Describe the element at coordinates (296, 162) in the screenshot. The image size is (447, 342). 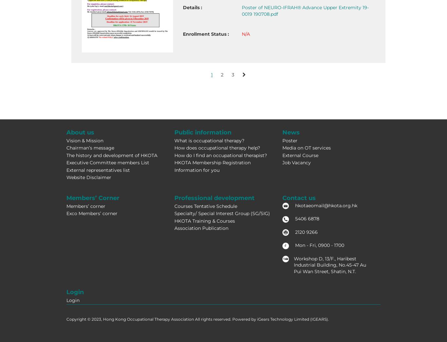
I see `'Job Vacancy'` at that location.